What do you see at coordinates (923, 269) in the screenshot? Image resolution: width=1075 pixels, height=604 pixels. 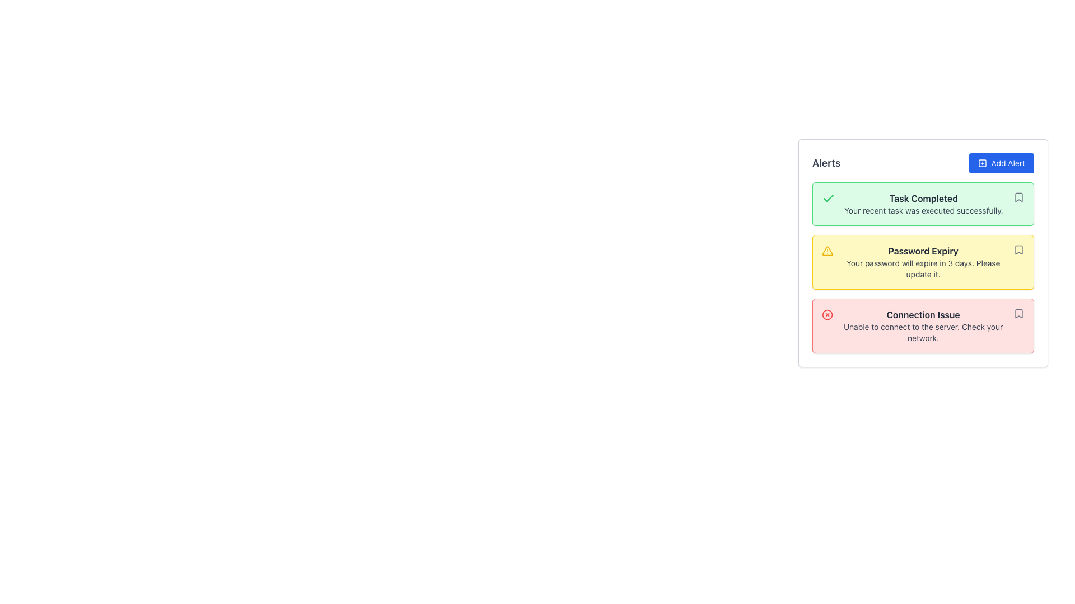 I see `the text notification displaying 'Your password will expire in 3 days. Please update it.' which is located in a yellow alert box below the 'Password Expiry' title` at bounding box center [923, 269].